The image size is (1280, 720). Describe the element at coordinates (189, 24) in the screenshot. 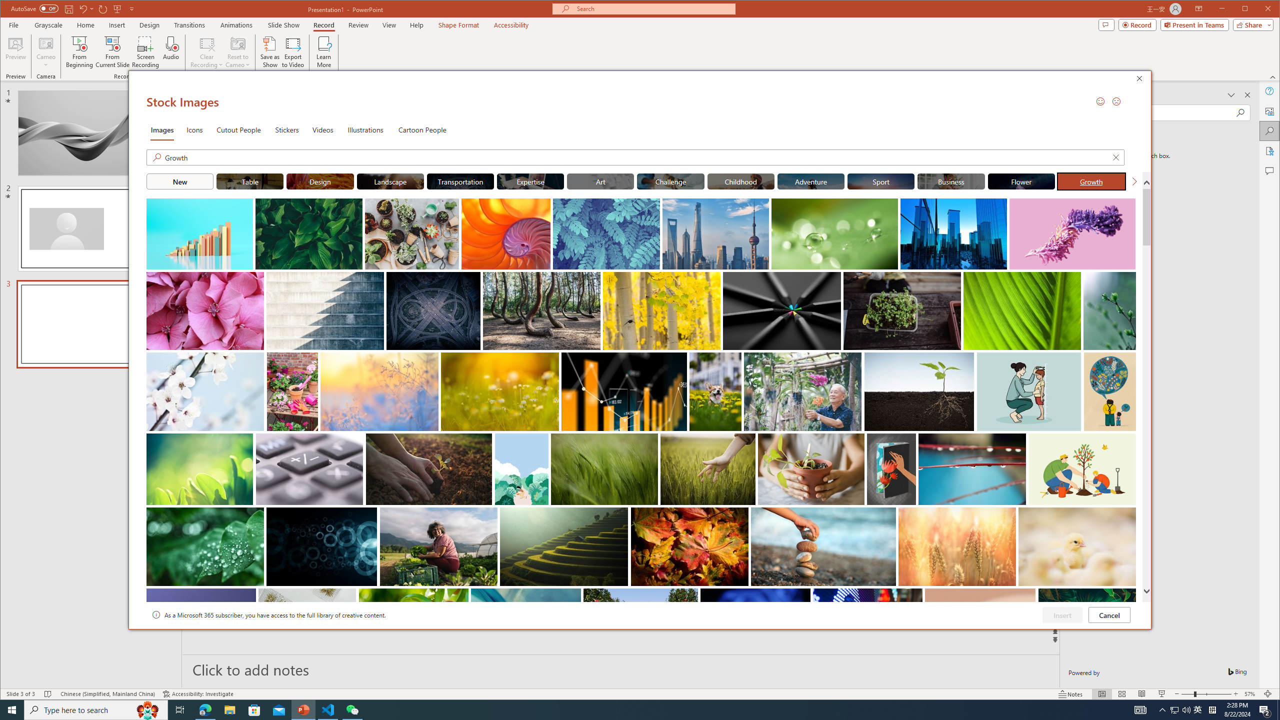

I see `'Transitions'` at that location.